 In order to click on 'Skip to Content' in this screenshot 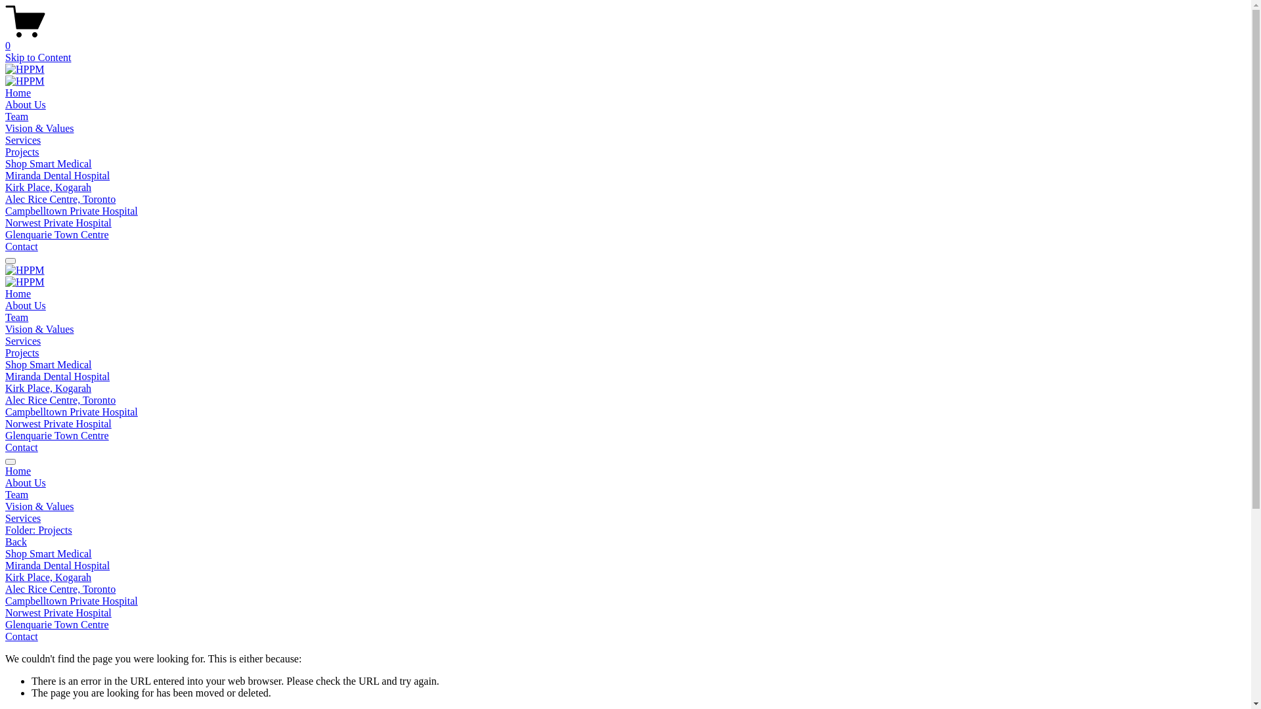, I will do `click(37, 56)`.